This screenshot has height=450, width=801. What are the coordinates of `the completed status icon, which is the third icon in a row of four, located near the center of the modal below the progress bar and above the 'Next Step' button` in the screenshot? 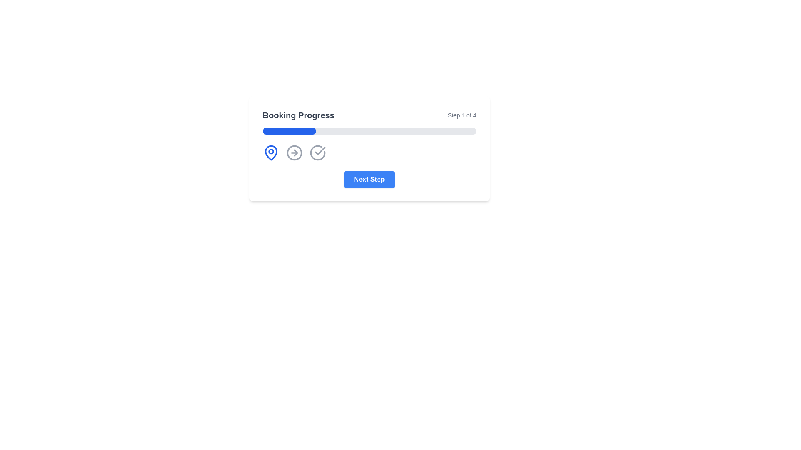 It's located at (317, 152).